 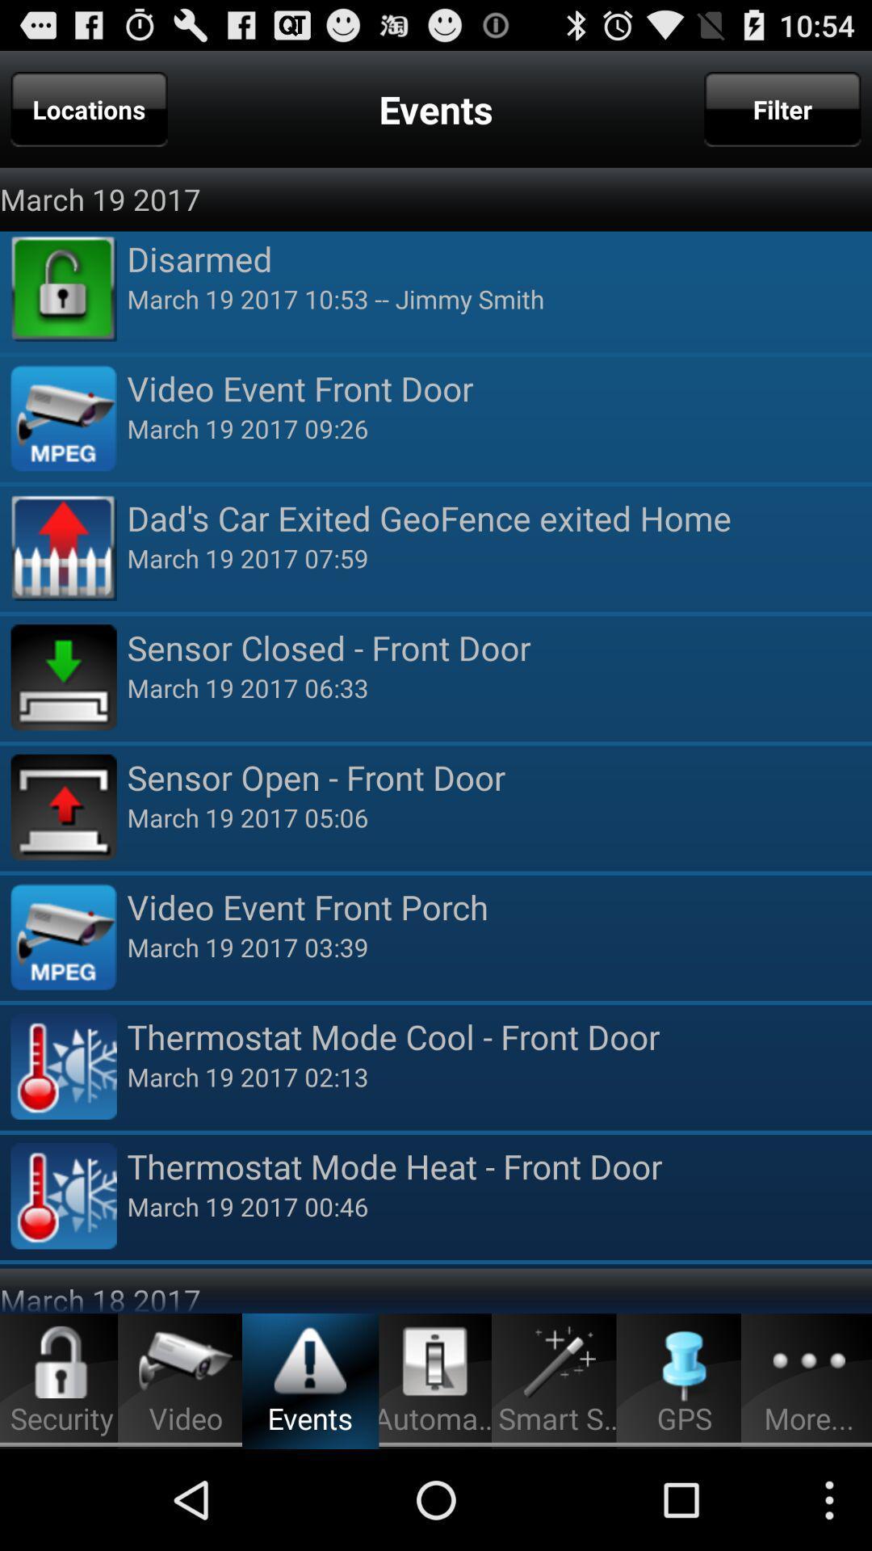 What do you see at coordinates (89, 108) in the screenshot?
I see `the locations item` at bounding box center [89, 108].